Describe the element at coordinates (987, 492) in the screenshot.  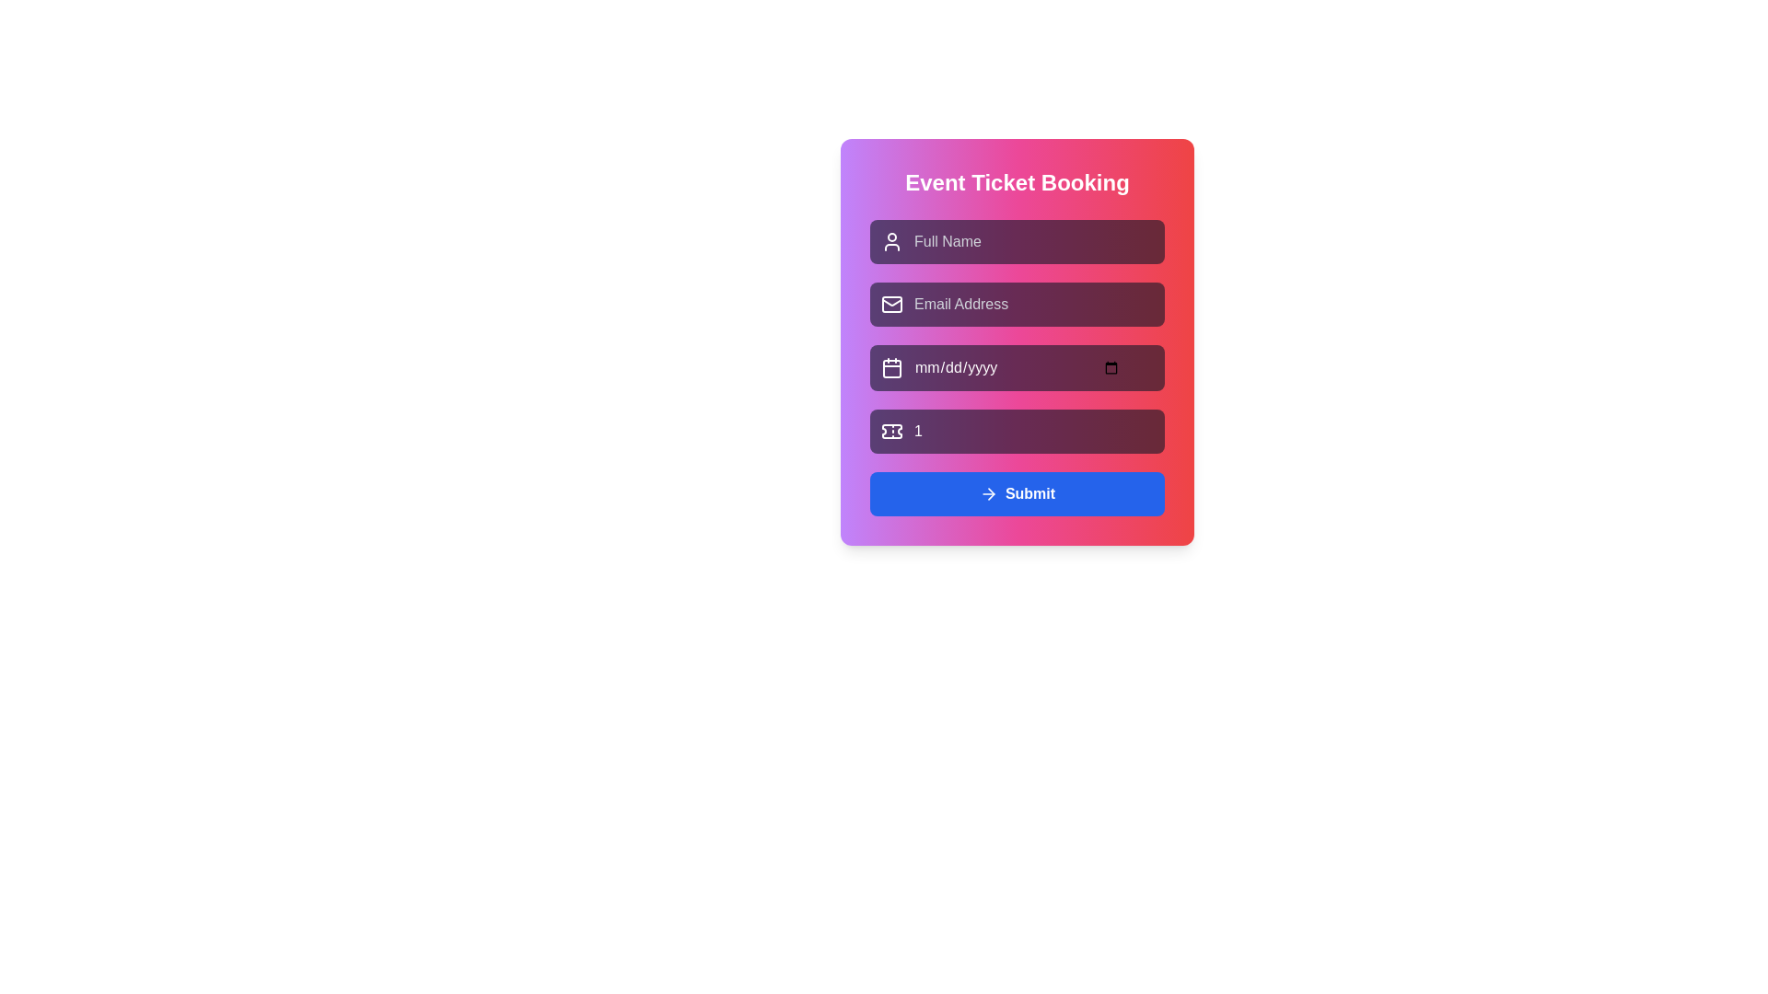
I see `the right-pointing arrow icon that is part of the 'Submit' button with a vibrant blue background, located centrally at the bottom of a card layout` at that location.